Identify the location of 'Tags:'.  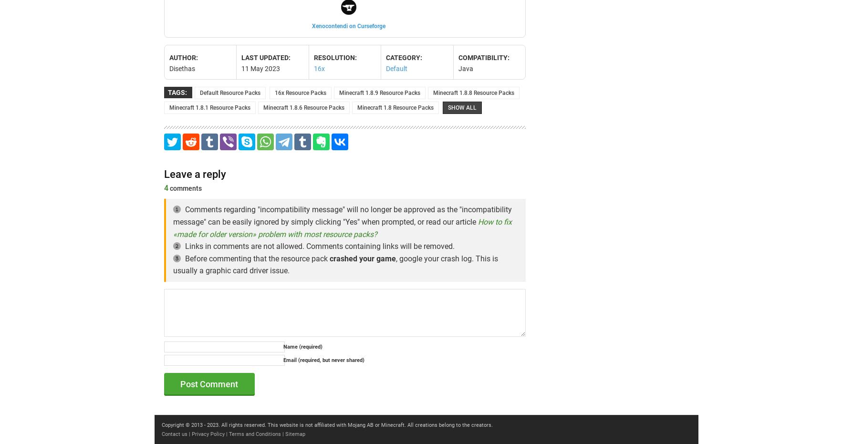
(177, 91).